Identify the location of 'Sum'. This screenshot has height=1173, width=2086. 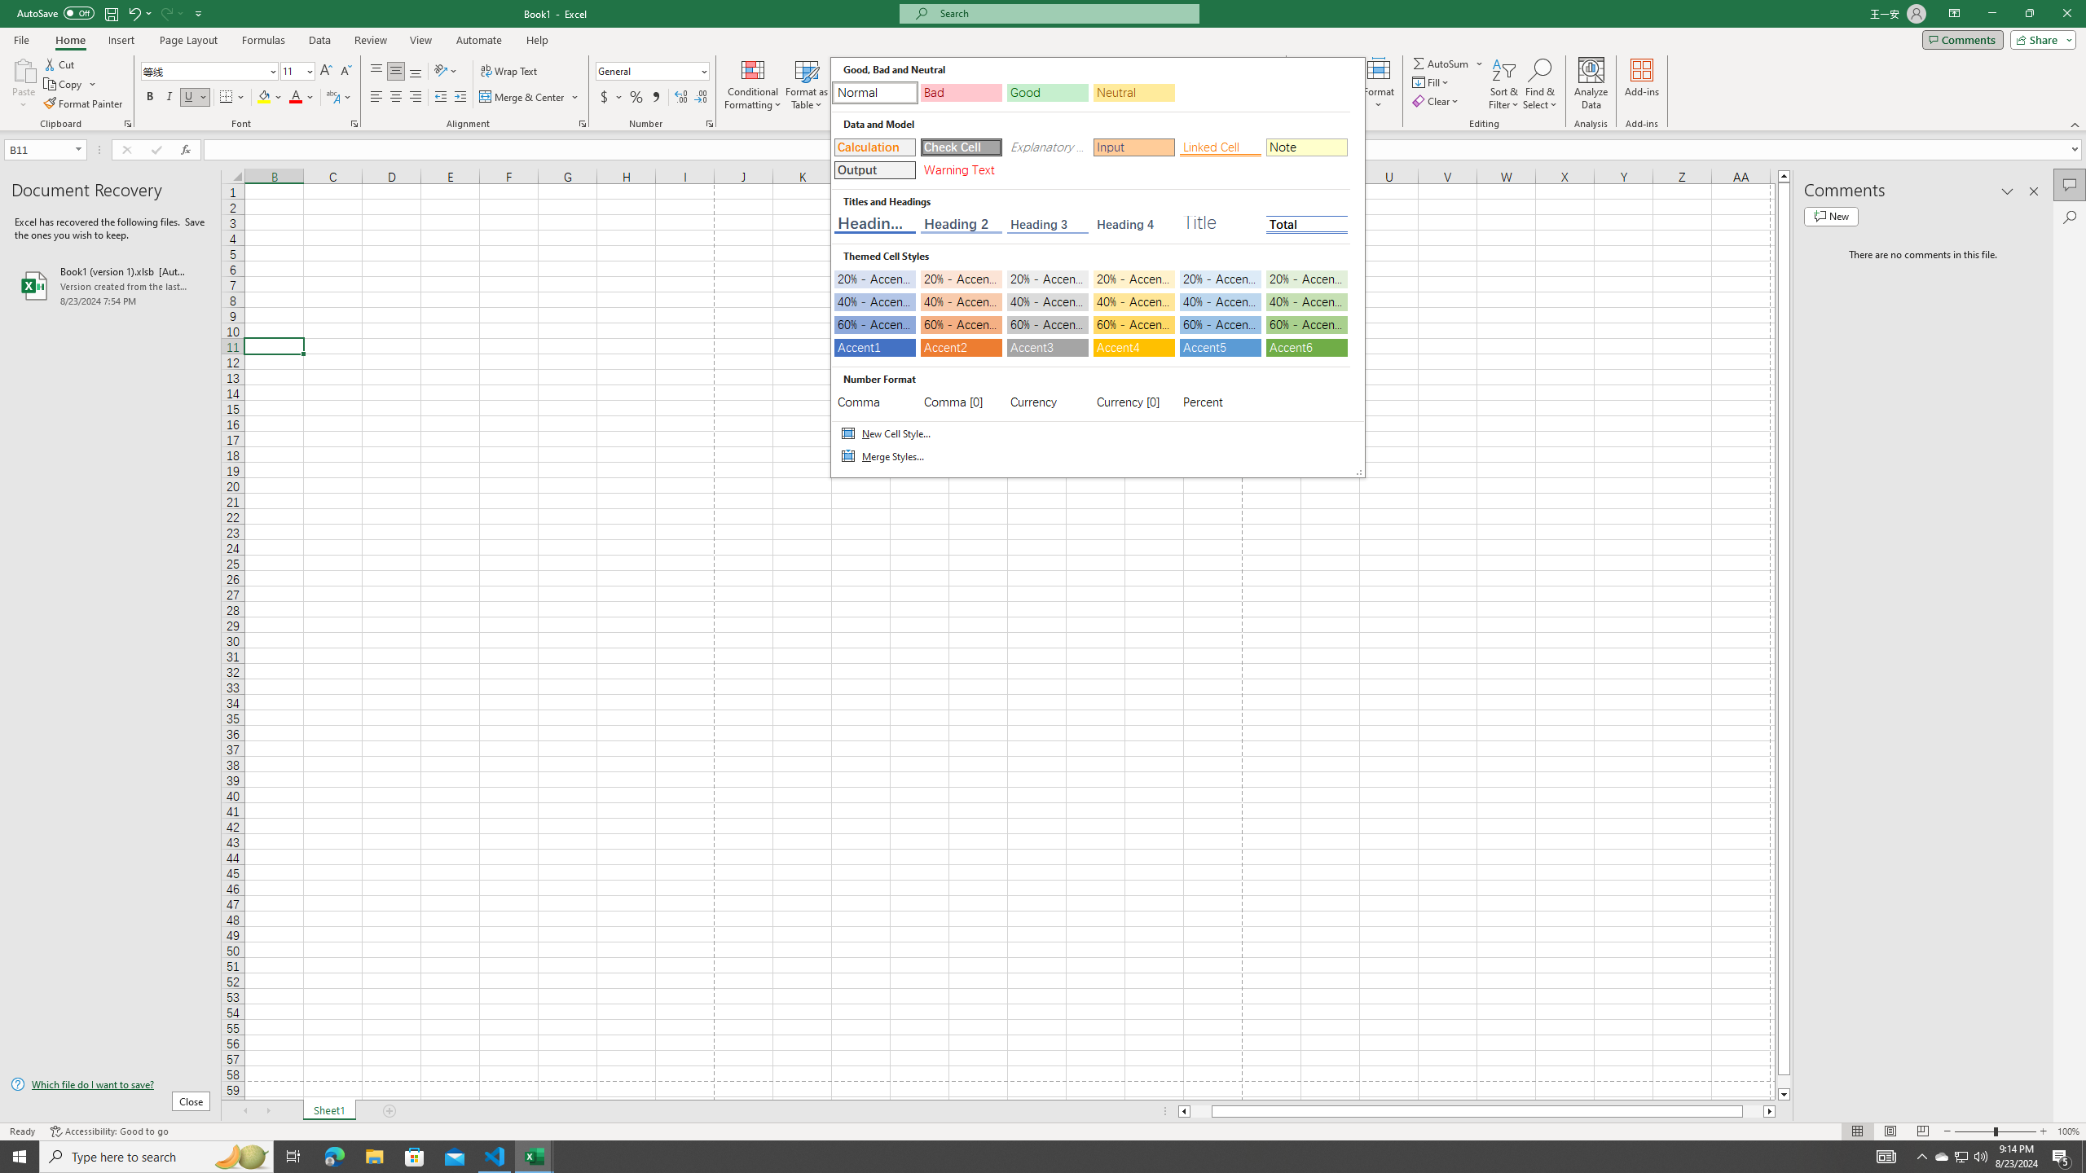
(1441, 63).